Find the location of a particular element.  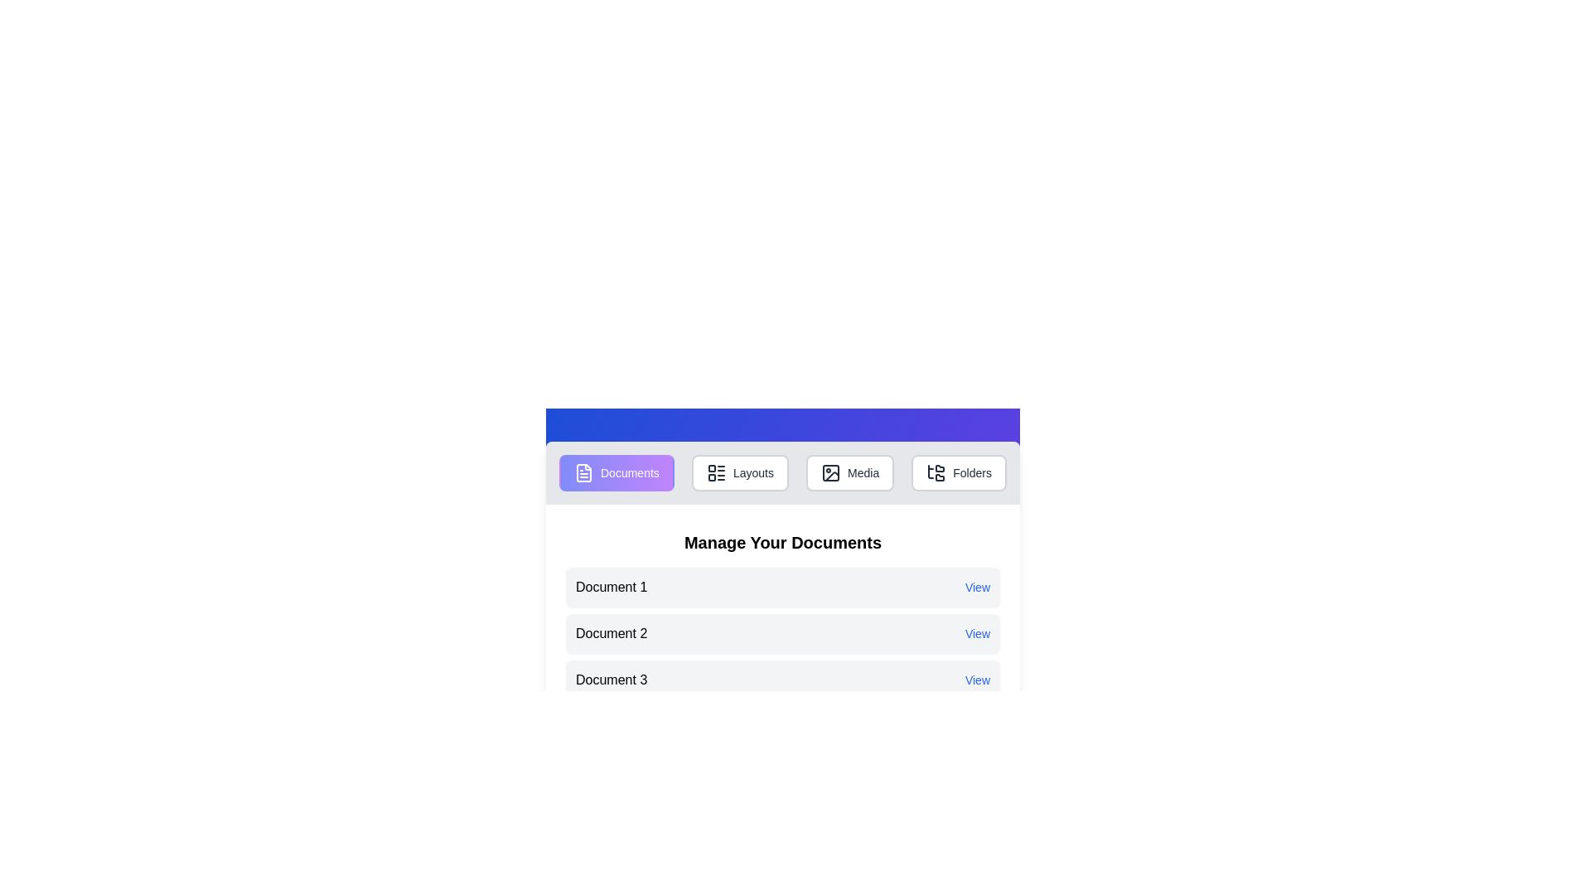

the third document card in the listing interface is located at coordinates (782, 680).